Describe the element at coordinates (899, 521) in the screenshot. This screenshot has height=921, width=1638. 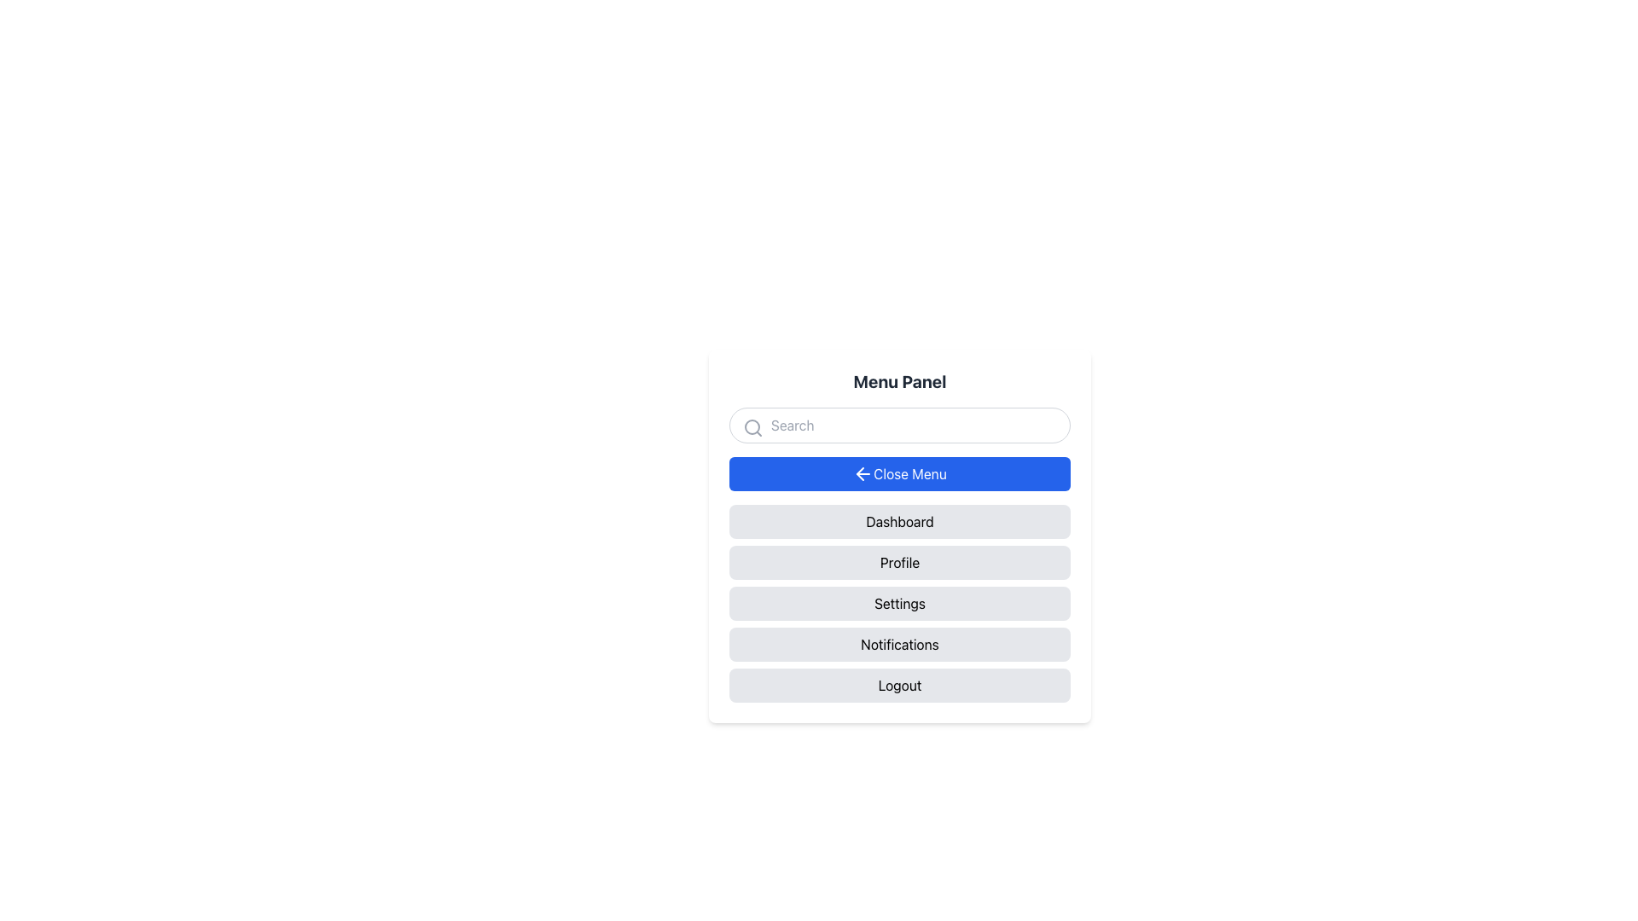
I see `the 'Dashboard' button, which is the first option in the vertically-listed menu, to observe styling changes` at that location.